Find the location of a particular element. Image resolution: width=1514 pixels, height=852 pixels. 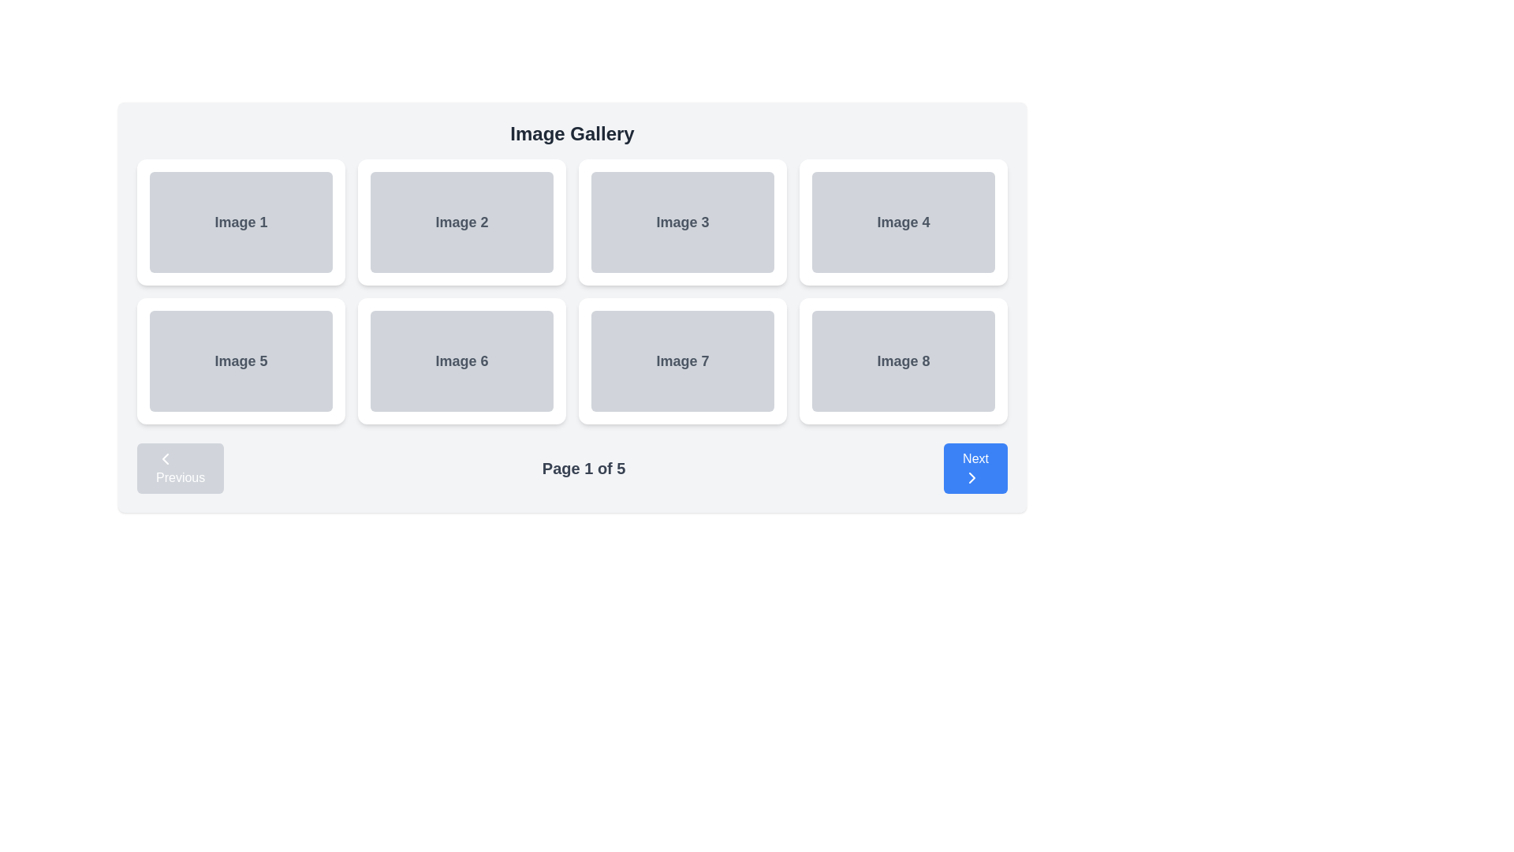

the sixth card element with a light gray background and the text 'Image 6' centered in bold dark gray font is located at coordinates (461, 361).